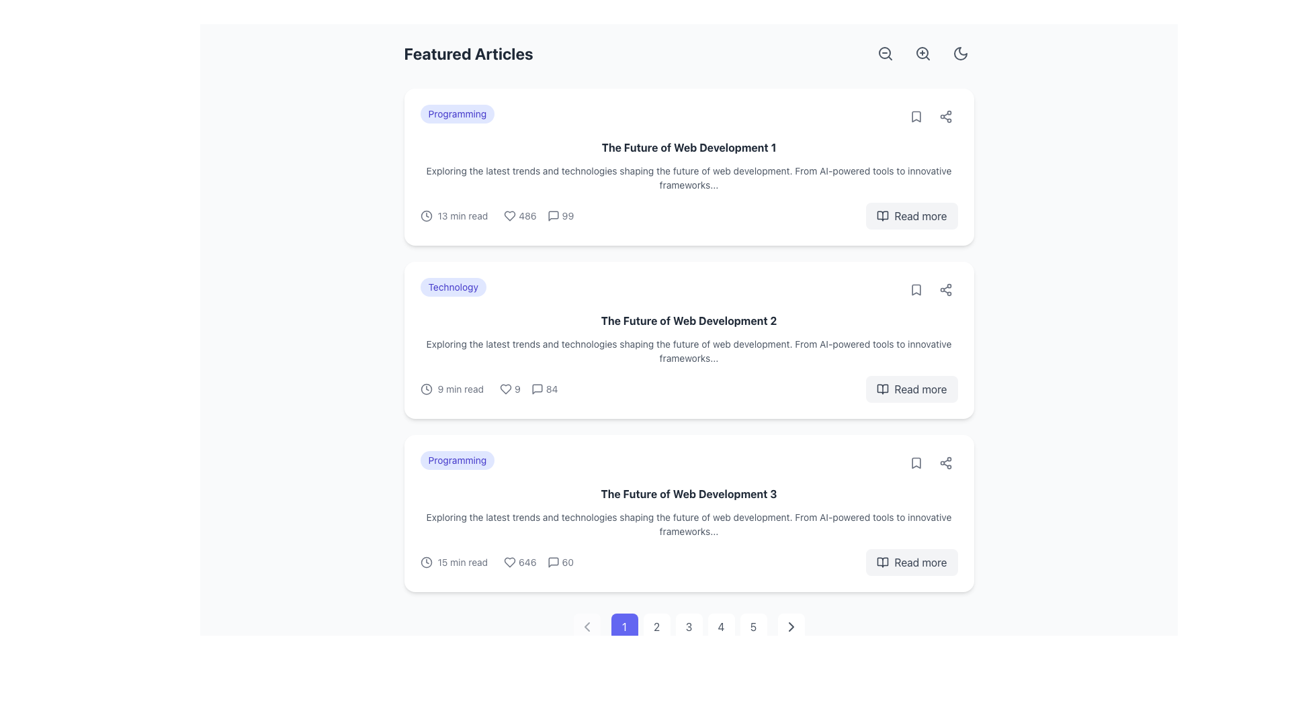  What do you see at coordinates (689, 389) in the screenshot?
I see `the 'Read more' button located in the metadata summary bar of the second card on the webpage, which provides details about the article` at bounding box center [689, 389].